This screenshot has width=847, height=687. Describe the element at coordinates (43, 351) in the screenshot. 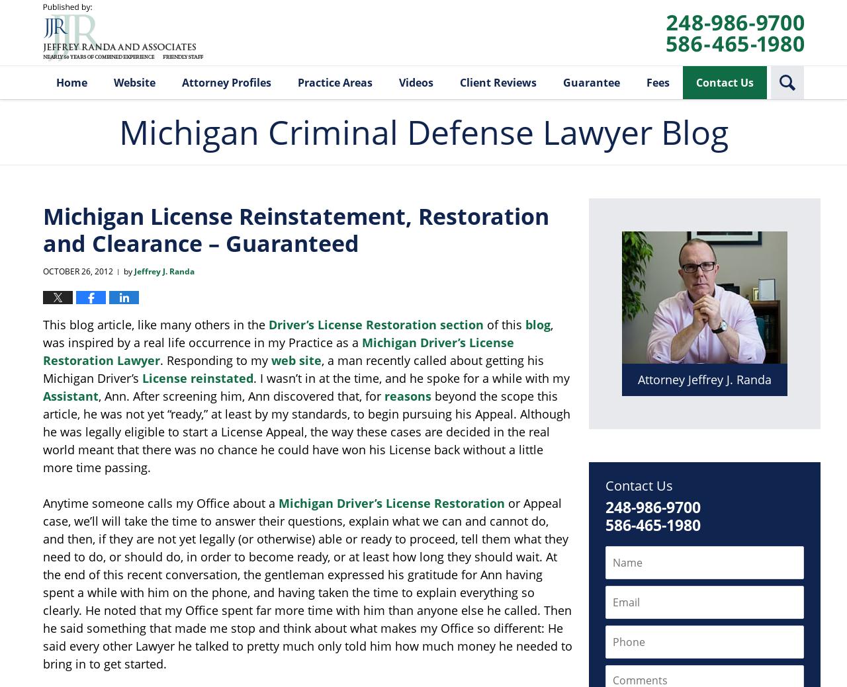

I see `'Michigan Driver’s License Restoration Lawyer'` at that location.